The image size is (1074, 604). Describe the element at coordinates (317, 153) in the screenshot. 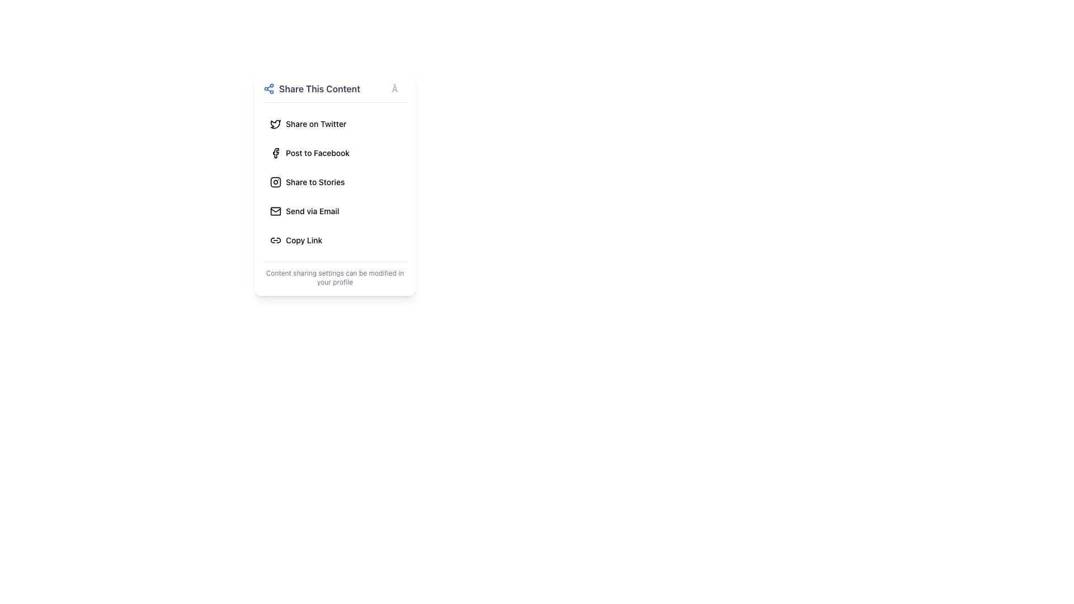

I see `the Text label indicating the sharing action for Facebook, which is positioned between the 'Share on Twitter' and 'Share to Stories' options, and appears to the right of the Facebook logo icon` at that location.